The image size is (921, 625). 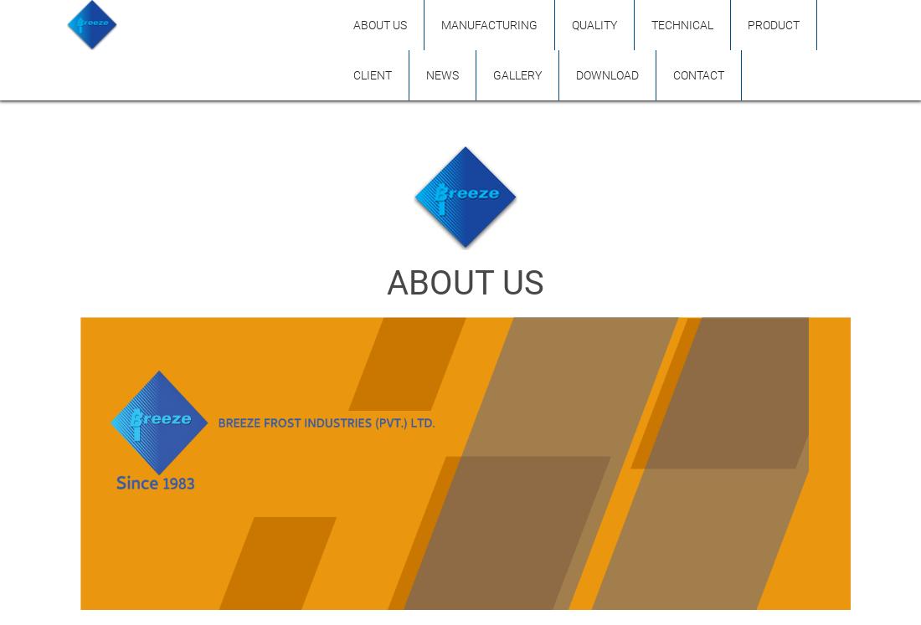 What do you see at coordinates (672, 75) in the screenshot?
I see `'Contact'` at bounding box center [672, 75].